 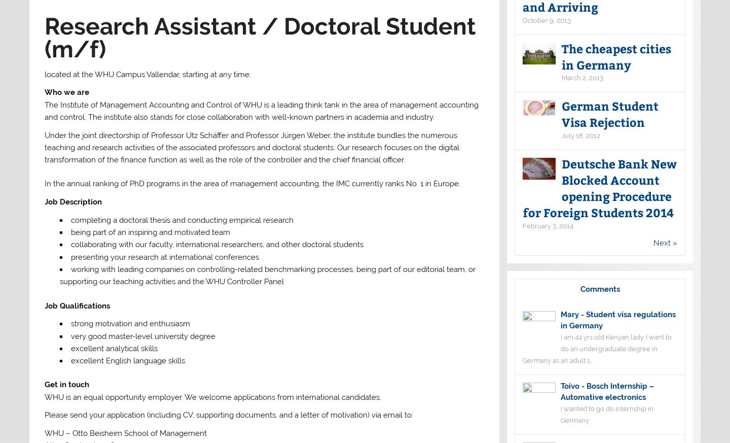 I want to click on 'Job Qualifications', so click(x=76, y=305).